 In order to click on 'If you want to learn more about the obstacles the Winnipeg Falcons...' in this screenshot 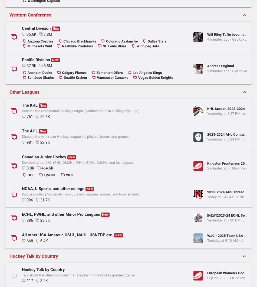, I will do `click(212, 74)`.